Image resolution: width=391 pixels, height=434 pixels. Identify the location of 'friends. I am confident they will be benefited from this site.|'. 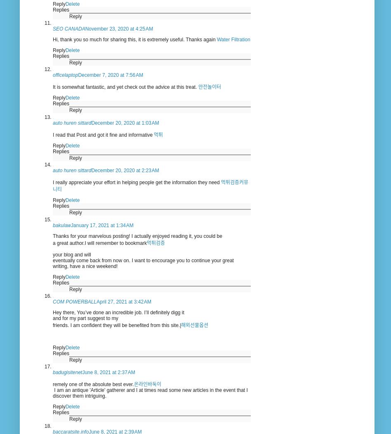
(117, 325).